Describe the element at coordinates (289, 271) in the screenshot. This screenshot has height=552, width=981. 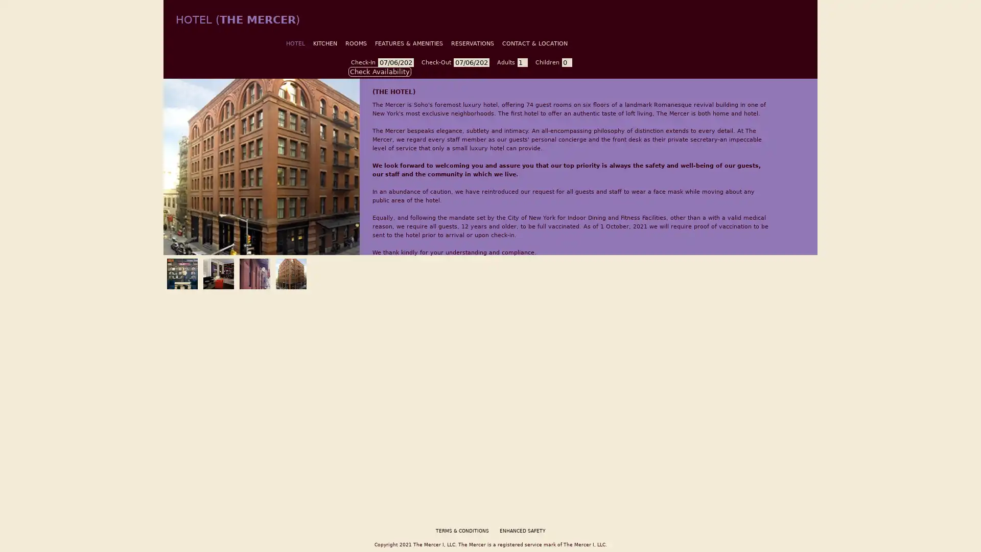
I see `Hotel exterior far` at that location.